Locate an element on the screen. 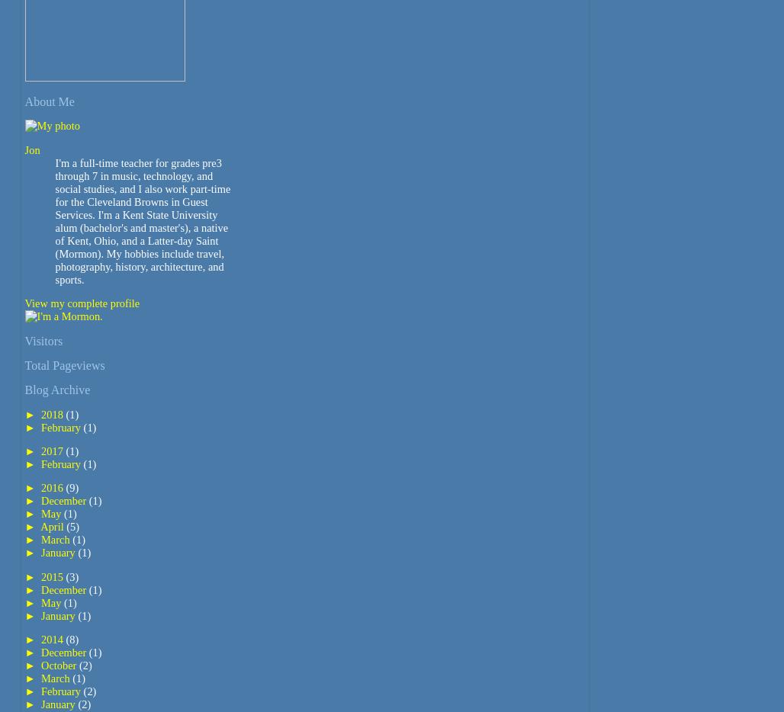 This screenshot has width=784, height=712. '2016' is located at coordinates (53, 487).